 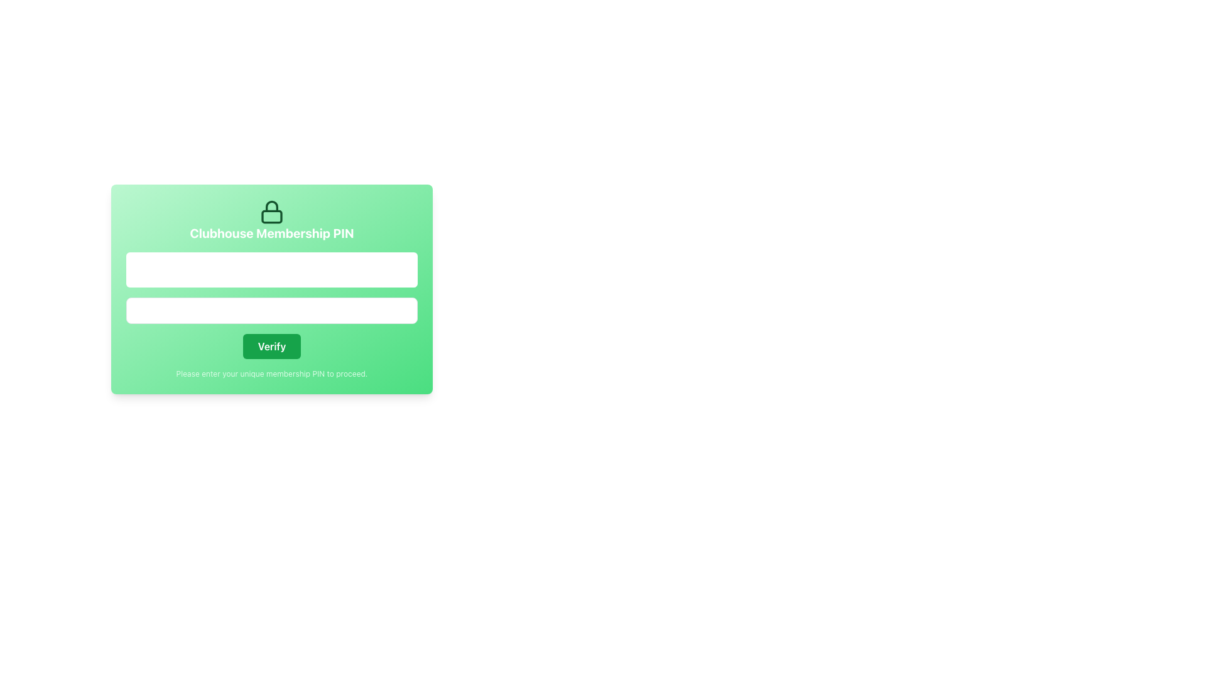 I want to click on the curved top part of the lock icon in the SVG displayed above the text 'Clubhouse Membership PIN', so click(x=271, y=205).